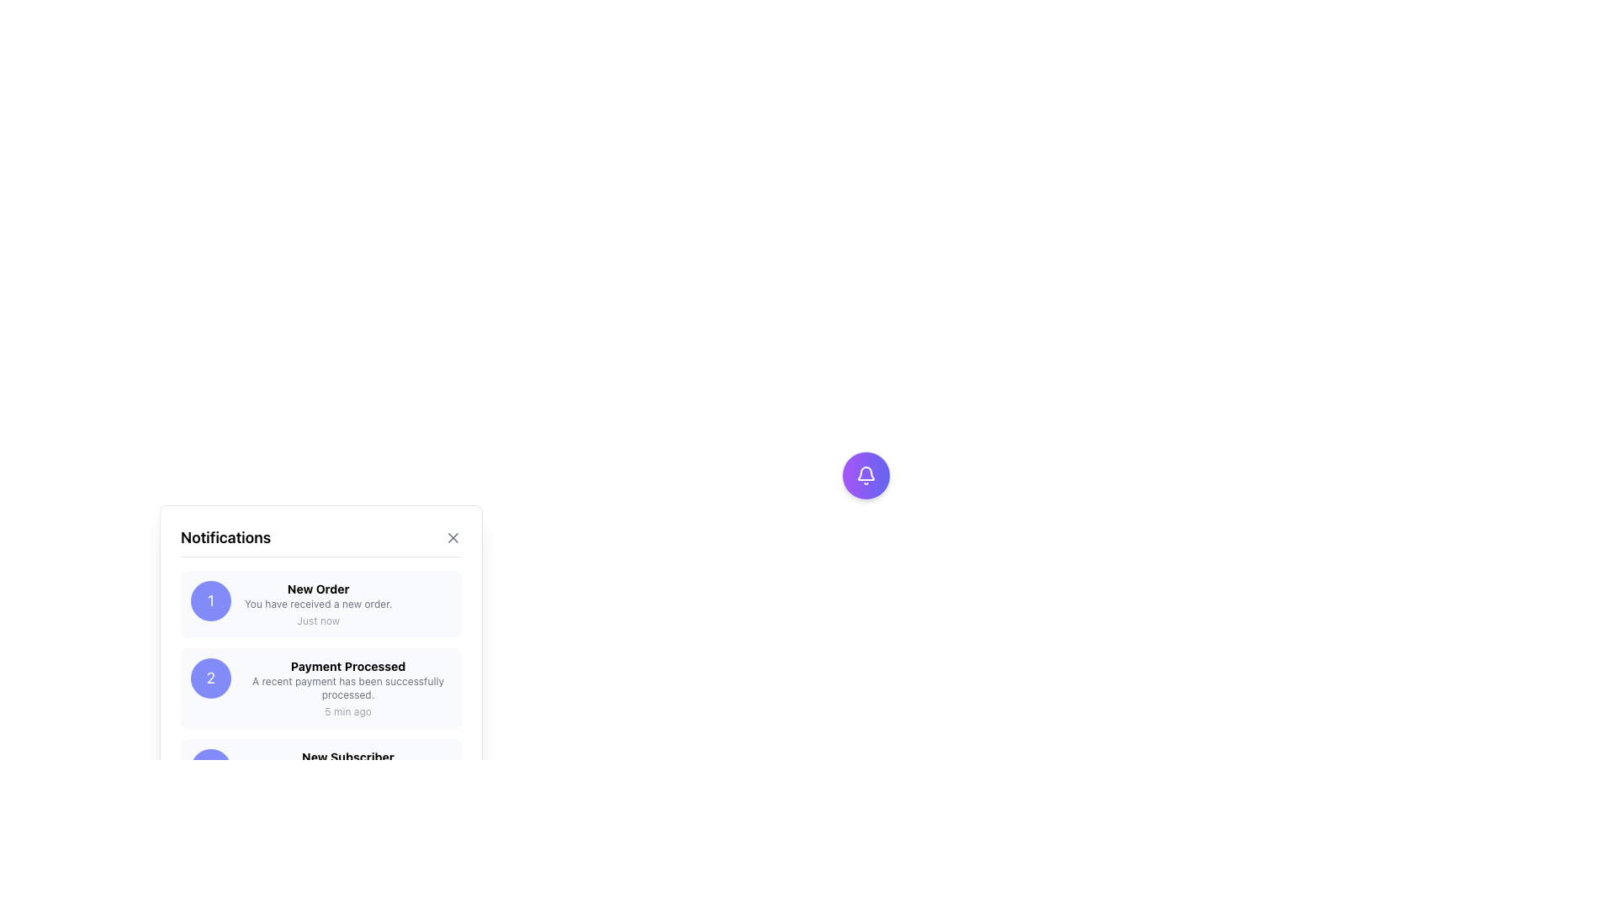  I want to click on the cross icon within the notifications panel, so click(453, 538).